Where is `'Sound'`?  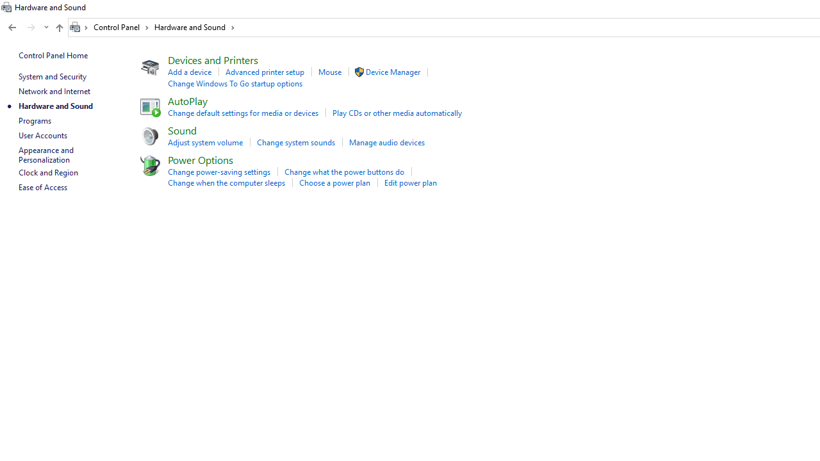
'Sound' is located at coordinates (181, 130).